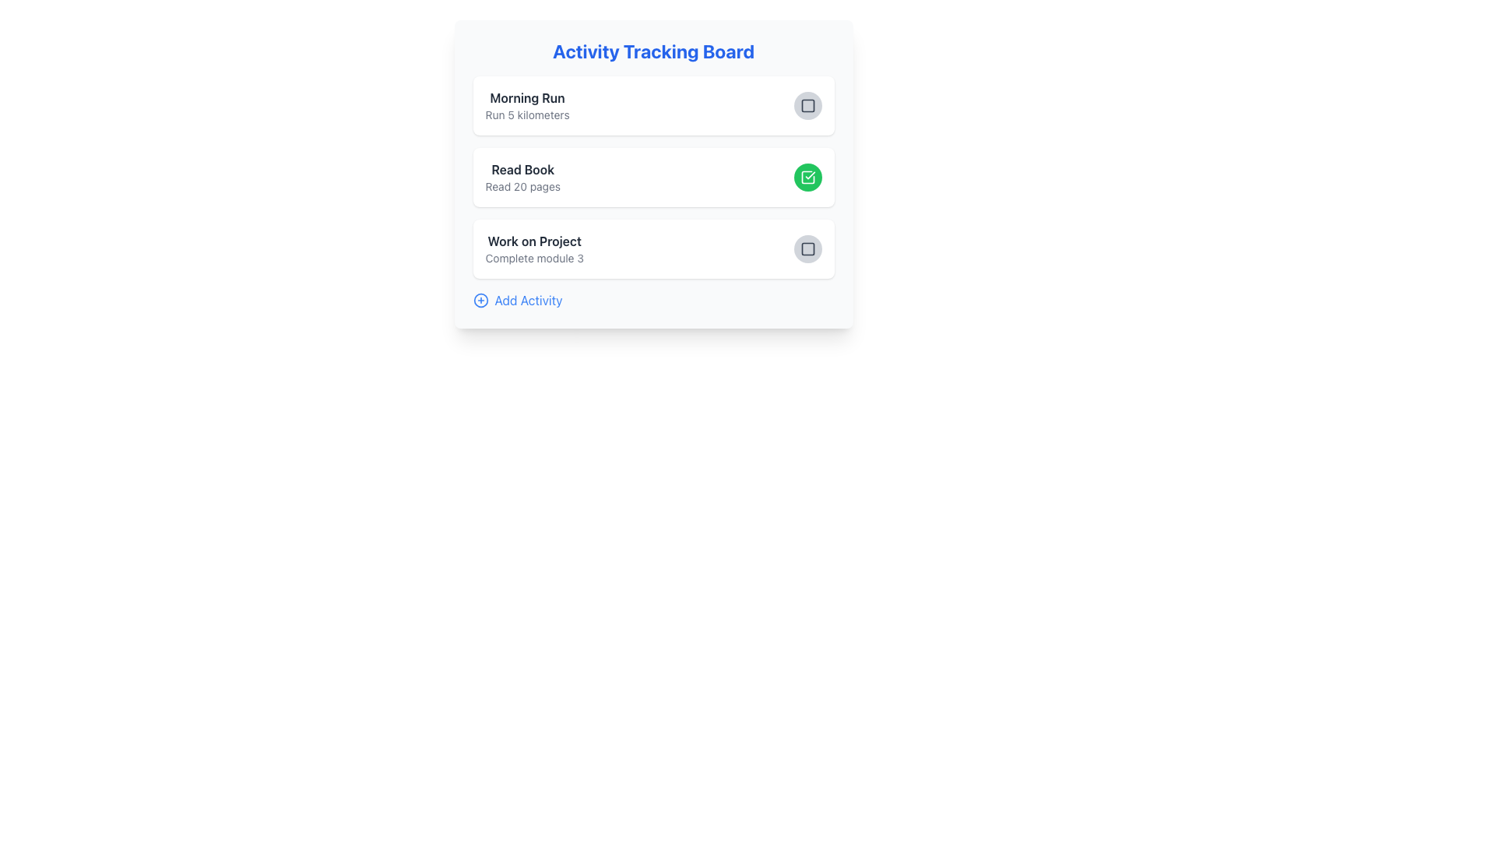 The height and width of the screenshot is (841, 1495). I want to click on the circular button with a light gray background and a square icon in the center, located to the far right of the 'Morning Run' activity card, so click(807, 105).